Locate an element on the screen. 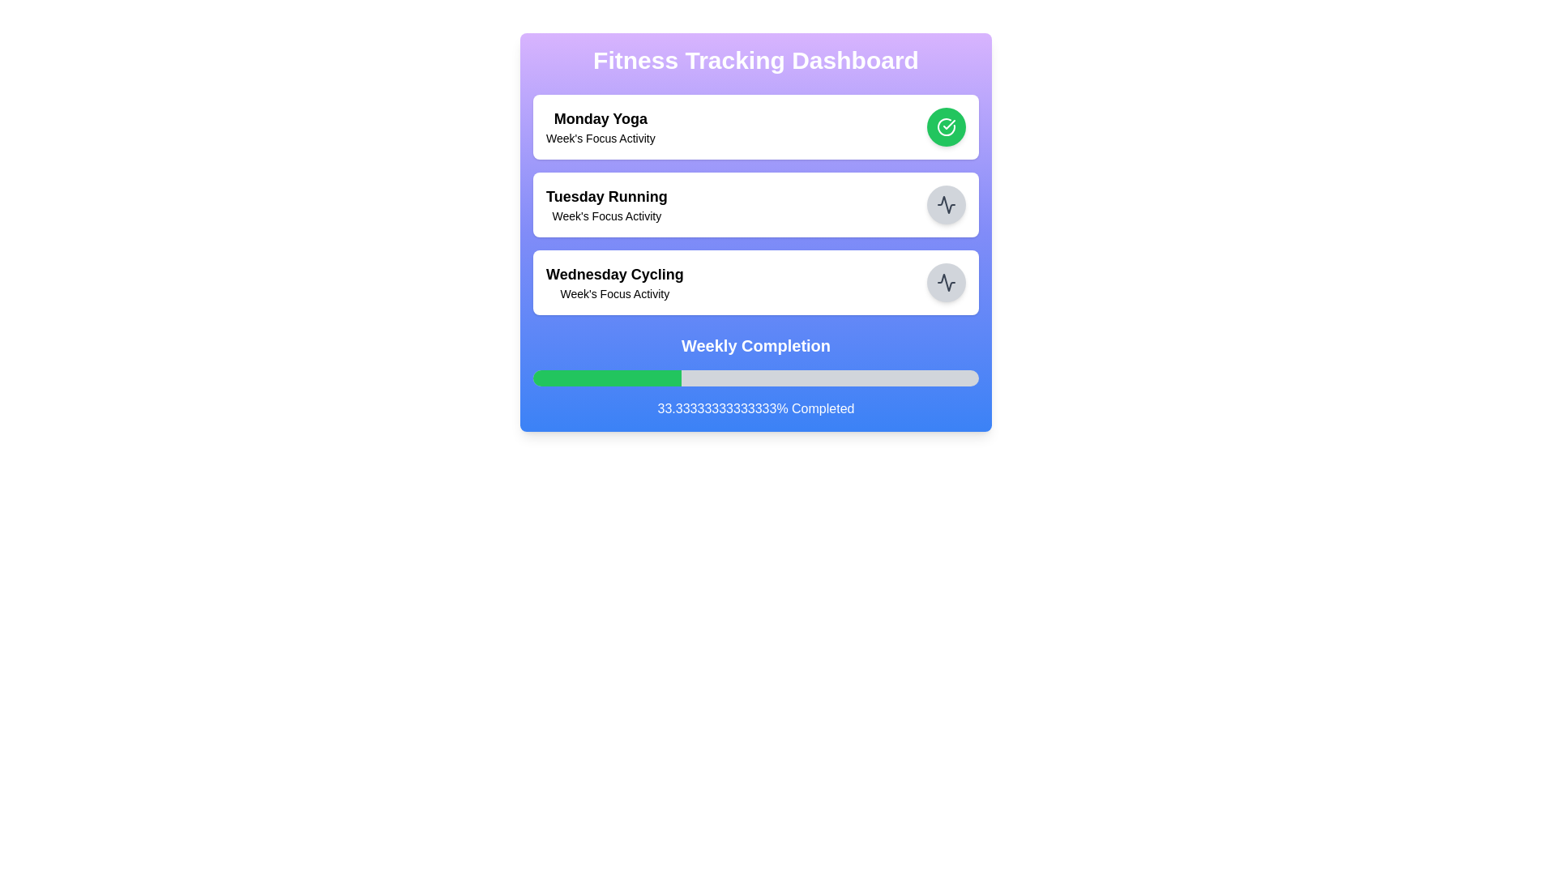  the text content of the second List item card representing 'Tuesday Running' in the Fitness Tracking Dashboard is located at coordinates (754, 204).